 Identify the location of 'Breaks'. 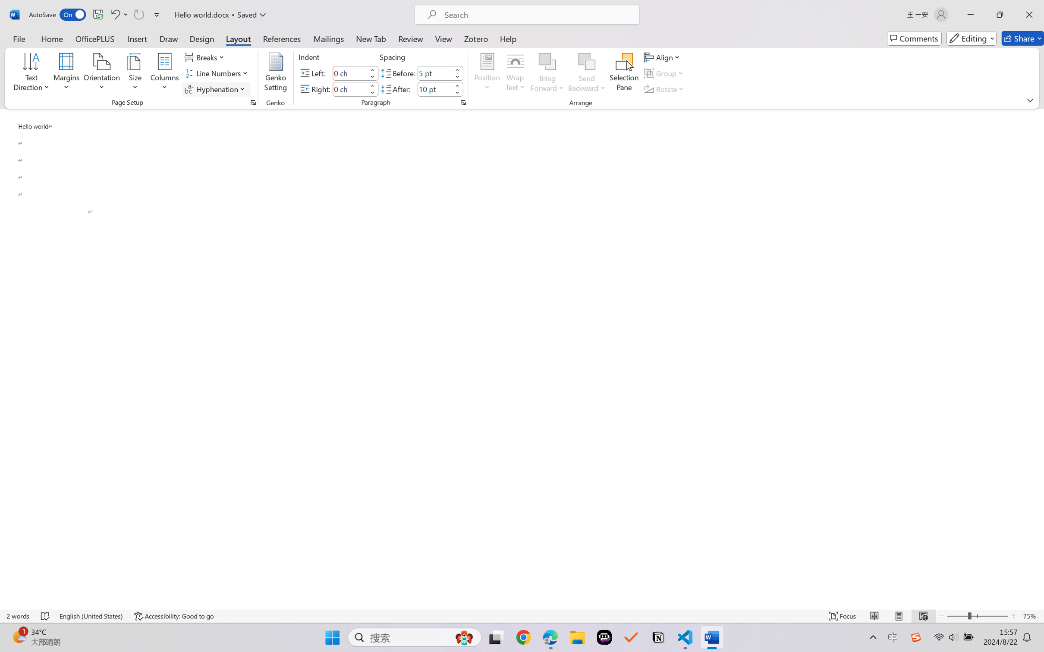
(205, 56).